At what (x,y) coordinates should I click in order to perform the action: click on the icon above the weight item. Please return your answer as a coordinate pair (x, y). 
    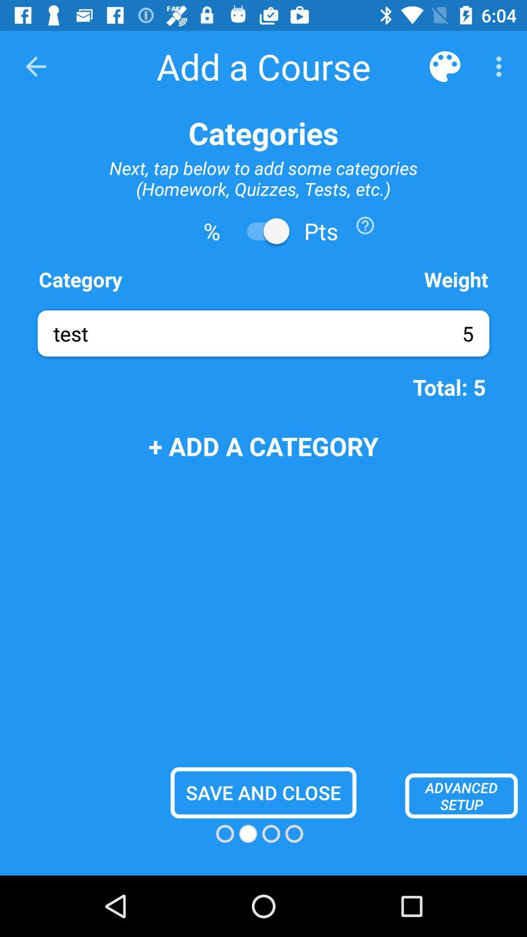
    Looking at the image, I should click on (365, 224).